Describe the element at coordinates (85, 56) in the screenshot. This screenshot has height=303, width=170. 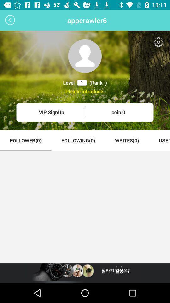
I see `profile picture` at that location.